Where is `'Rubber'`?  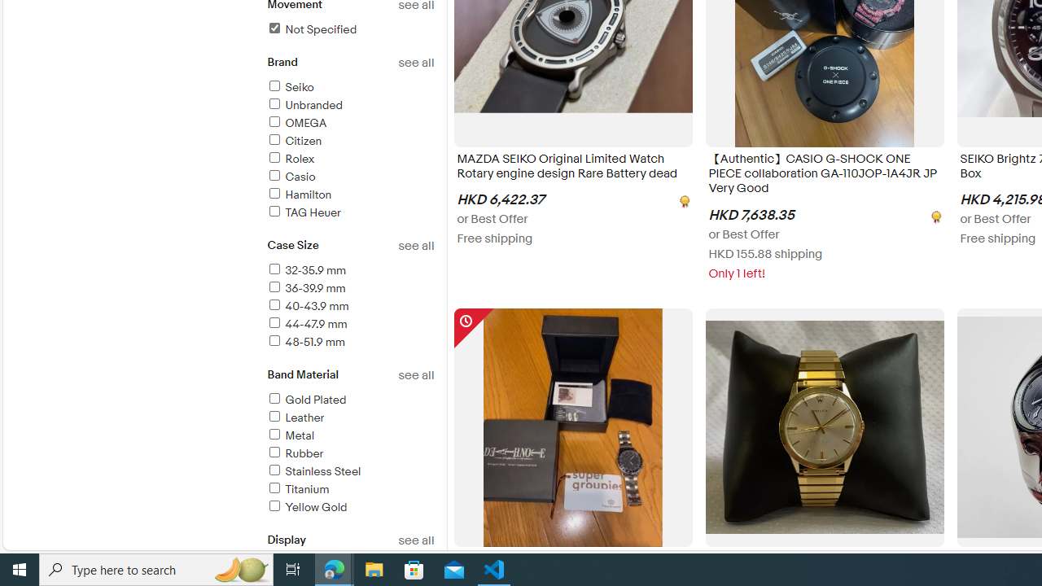
'Rubber' is located at coordinates (295, 453).